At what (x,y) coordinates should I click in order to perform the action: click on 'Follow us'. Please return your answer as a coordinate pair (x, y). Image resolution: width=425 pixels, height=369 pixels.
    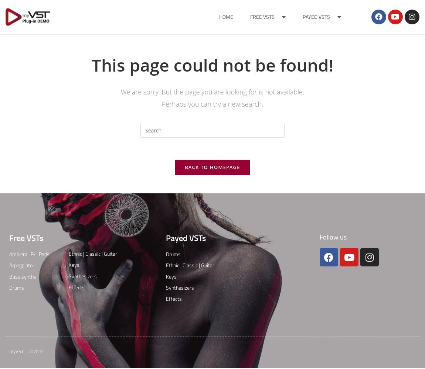
    Looking at the image, I should click on (319, 237).